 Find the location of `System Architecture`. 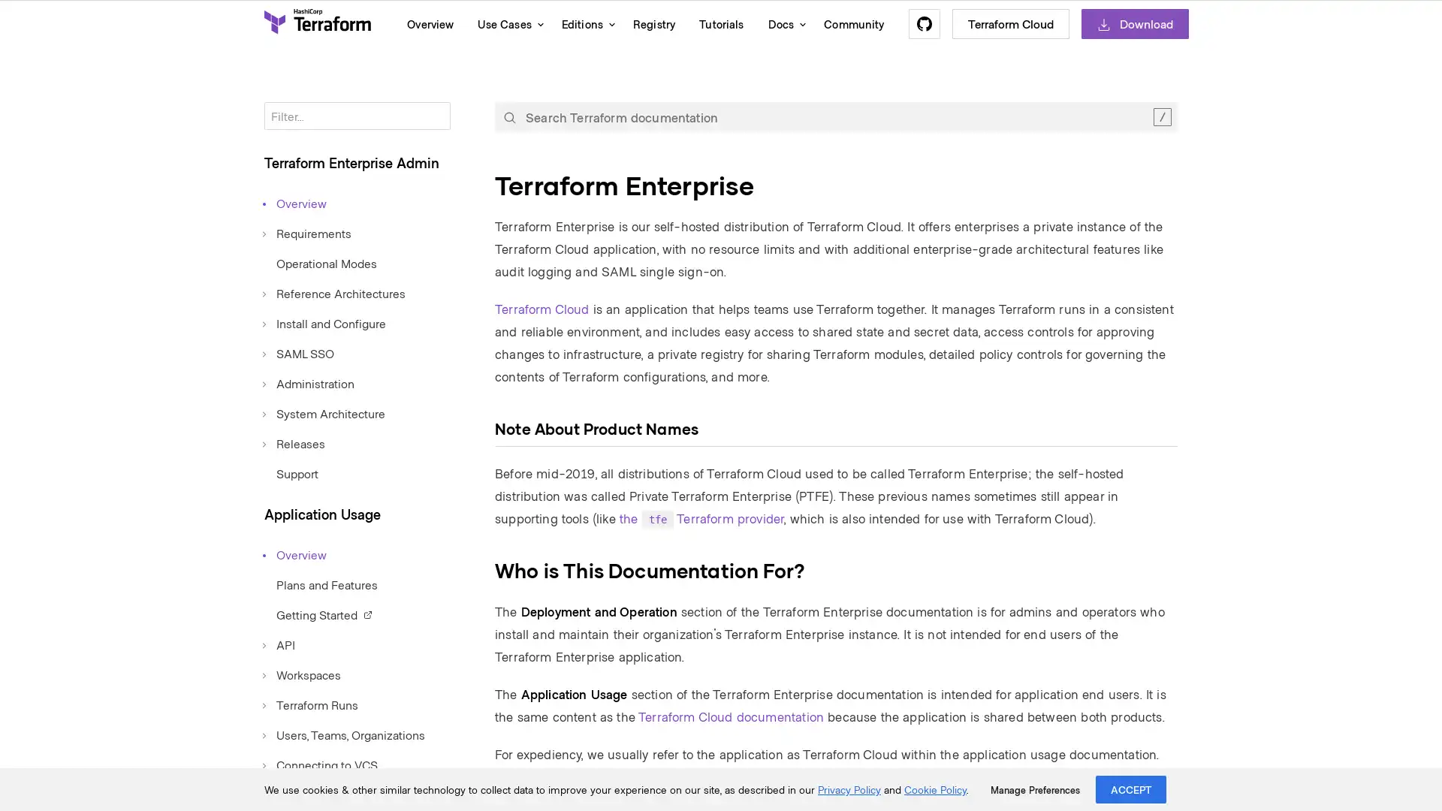

System Architecture is located at coordinates (324, 413).